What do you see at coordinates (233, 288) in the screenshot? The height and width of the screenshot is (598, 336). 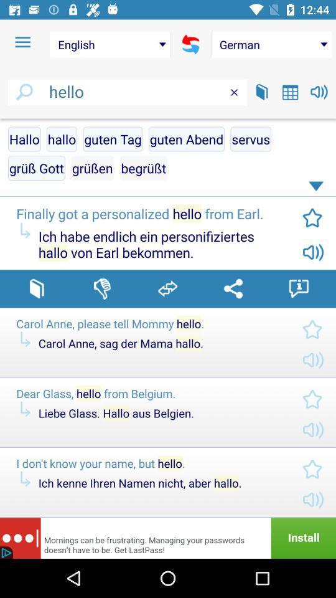 I see `share` at bounding box center [233, 288].